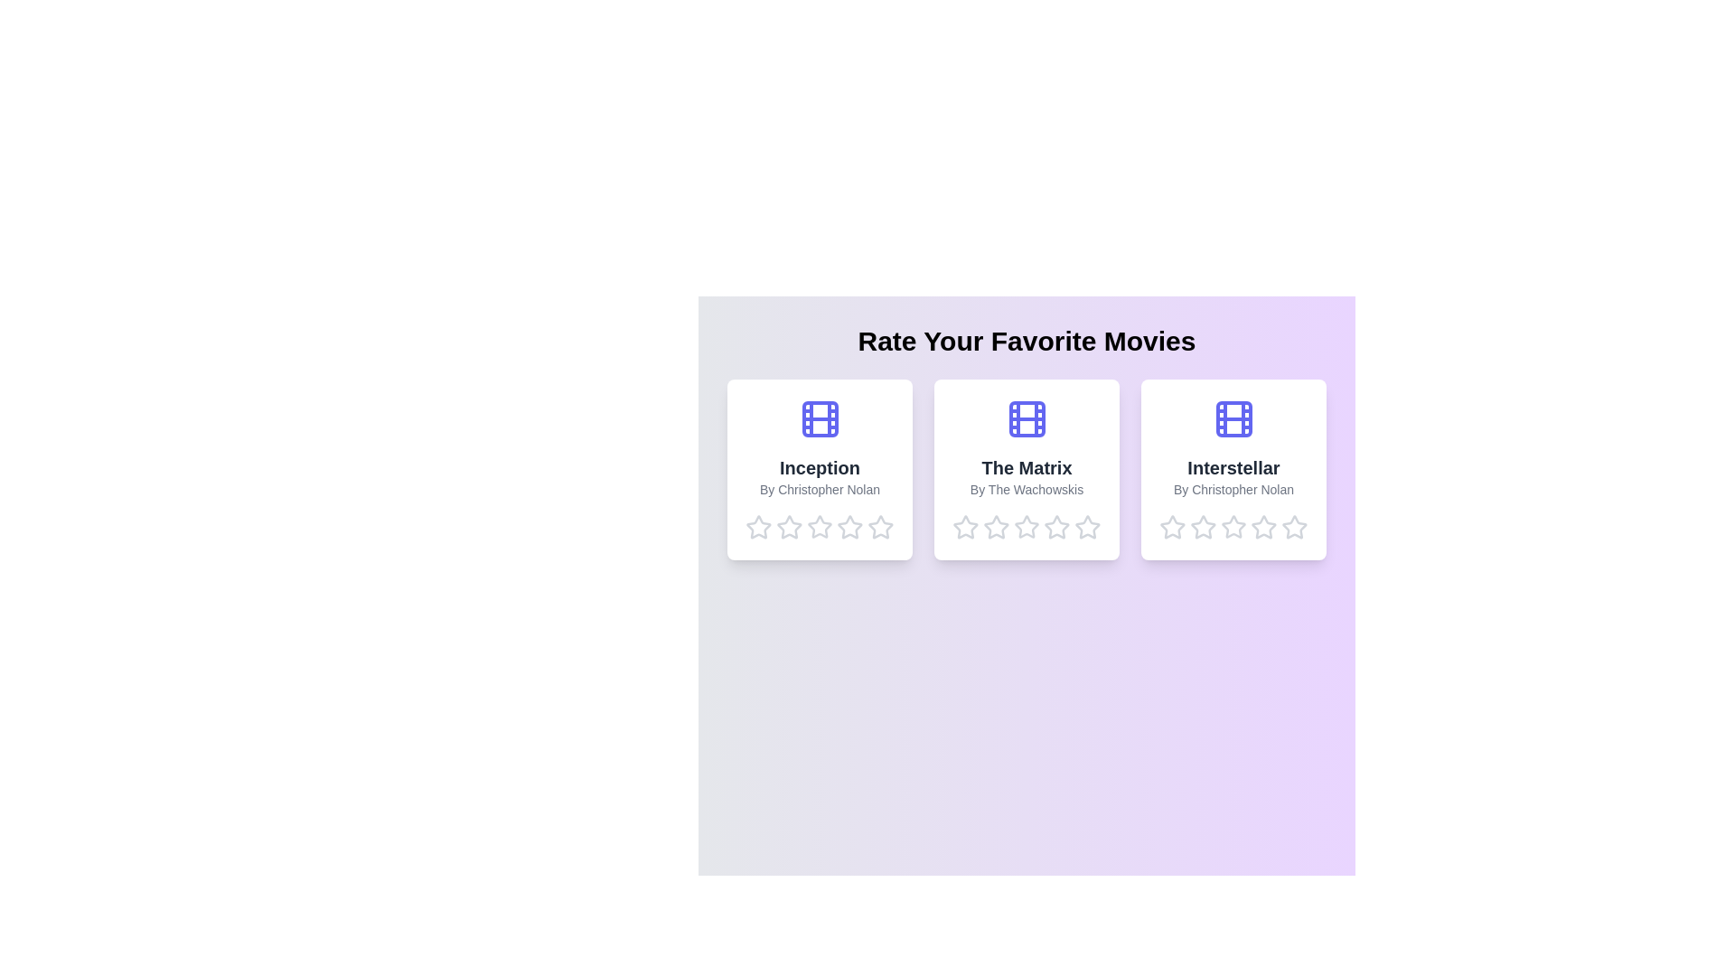 The image size is (1735, 976). What do you see at coordinates (1057, 527) in the screenshot?
I see `the star corresponding to 4 stars for the movie The Matrix` at bounding box center [1057, 527].